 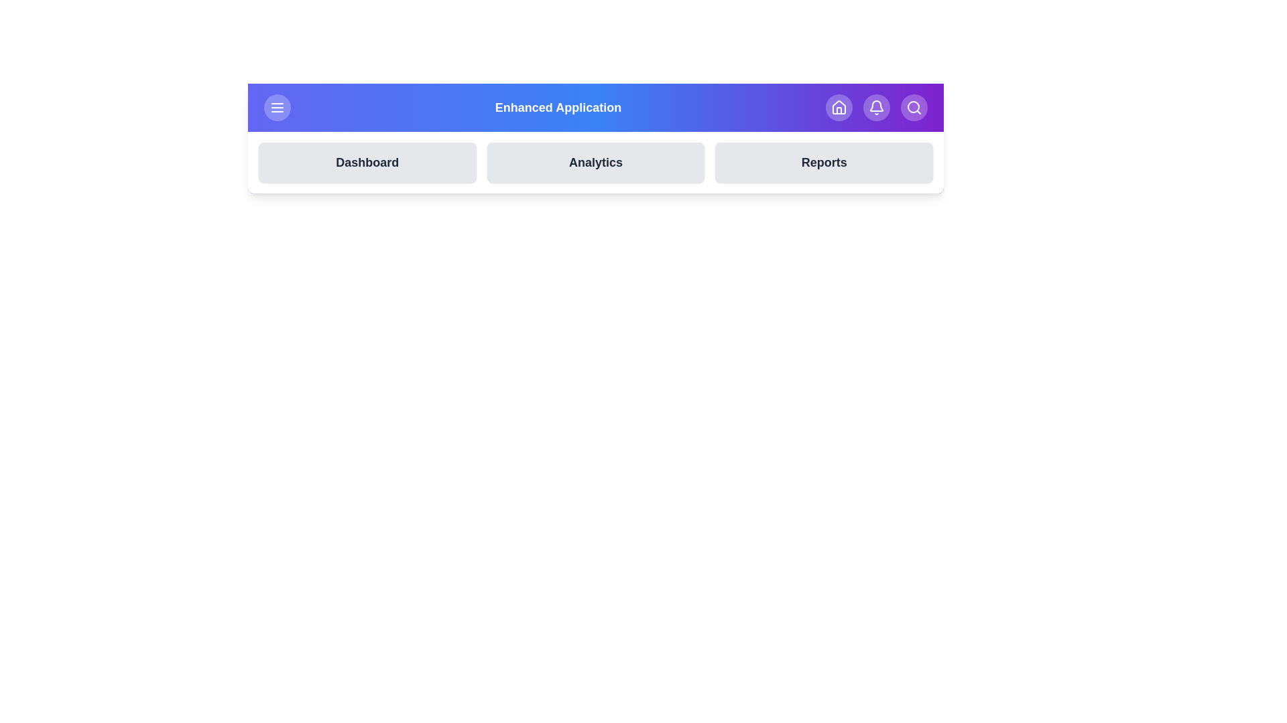 I want to click on the 'Home' icon button, so click(x=839, y=107).